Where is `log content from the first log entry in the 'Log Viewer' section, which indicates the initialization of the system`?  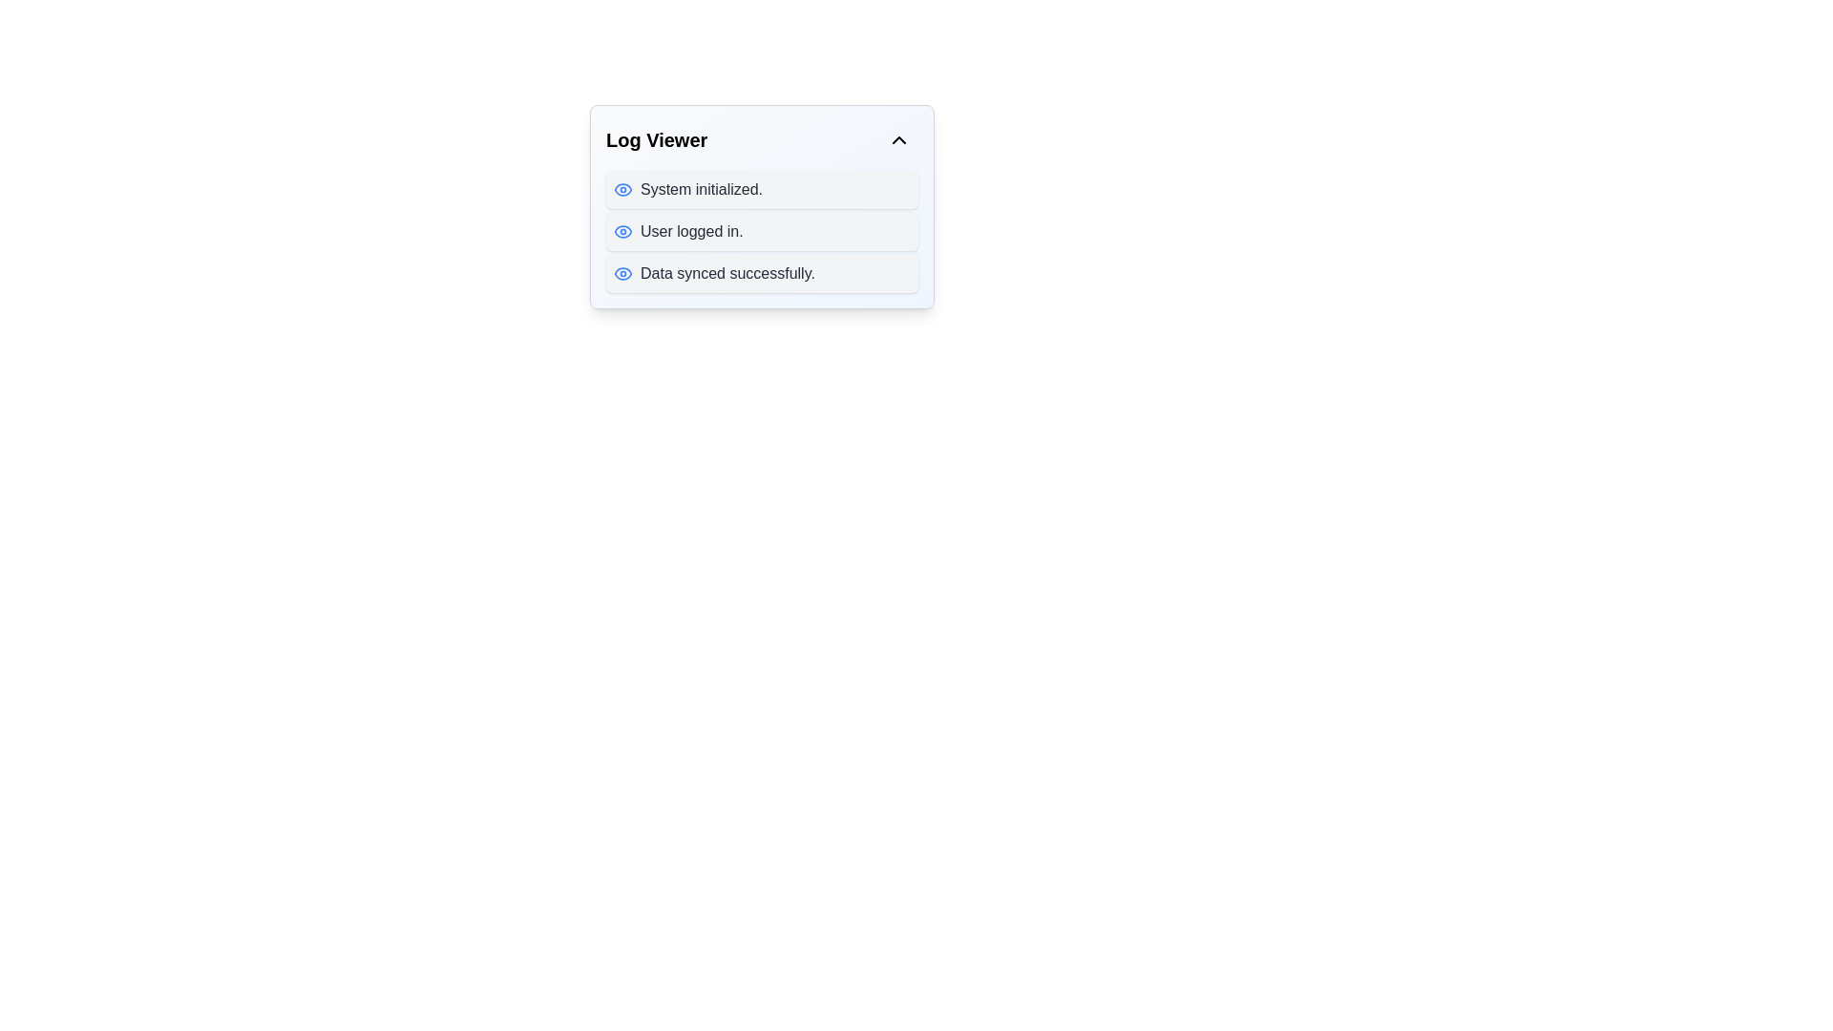 log content from the first log entry in the 'Log Viewer' section, which indicates the initialization of the system is located at coordinates (700, 190).